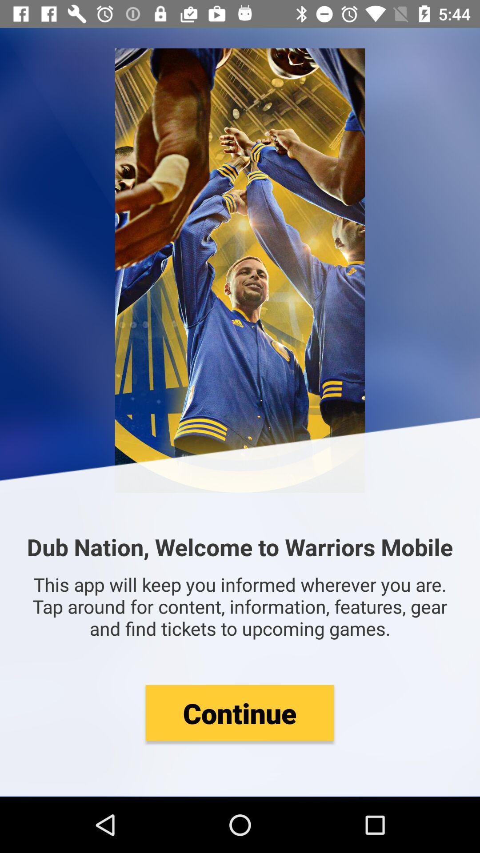 This screenshot has height=853, width=480. Describe the element at coordinates (239, 713) in the screenshot. I see `the continue item` at that location.